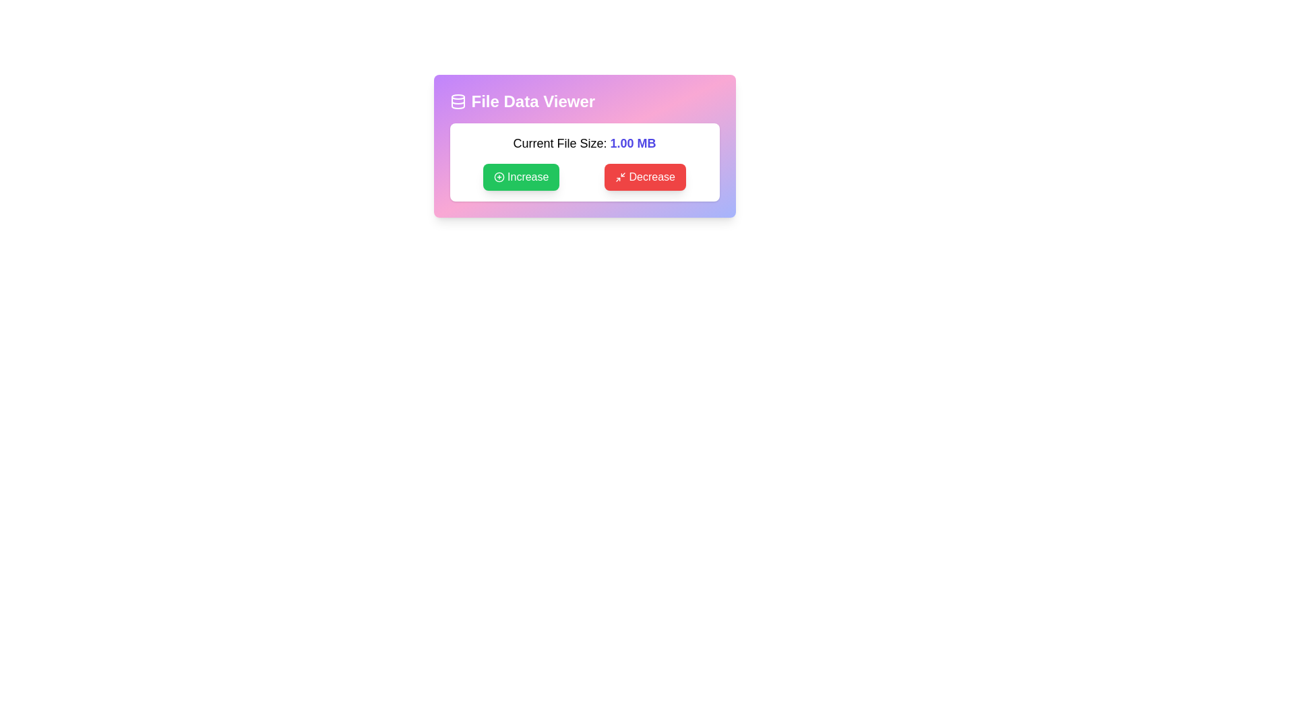 The height and width of the screenshot is (728, 1294). Describe the element at coordinates (520, 176) in the screenshot. I see `the button that increases the current value or quantity displayed above it, located on the left side of the group with the 'Decrease' button` at that location.